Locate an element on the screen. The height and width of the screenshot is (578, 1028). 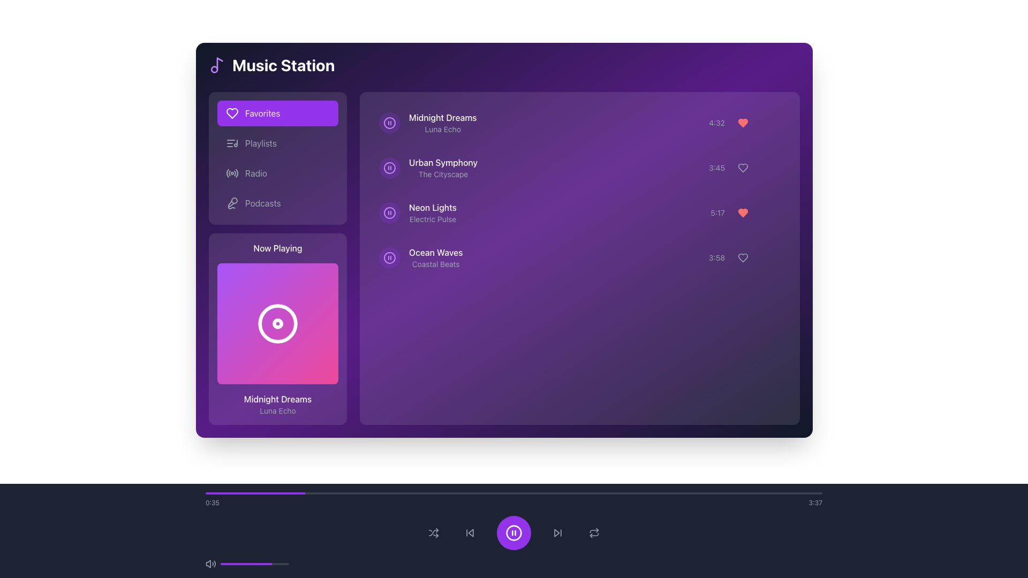
the circular purple button with a white pause icon located centrally in the control bar is located at coordinates (514, 533).